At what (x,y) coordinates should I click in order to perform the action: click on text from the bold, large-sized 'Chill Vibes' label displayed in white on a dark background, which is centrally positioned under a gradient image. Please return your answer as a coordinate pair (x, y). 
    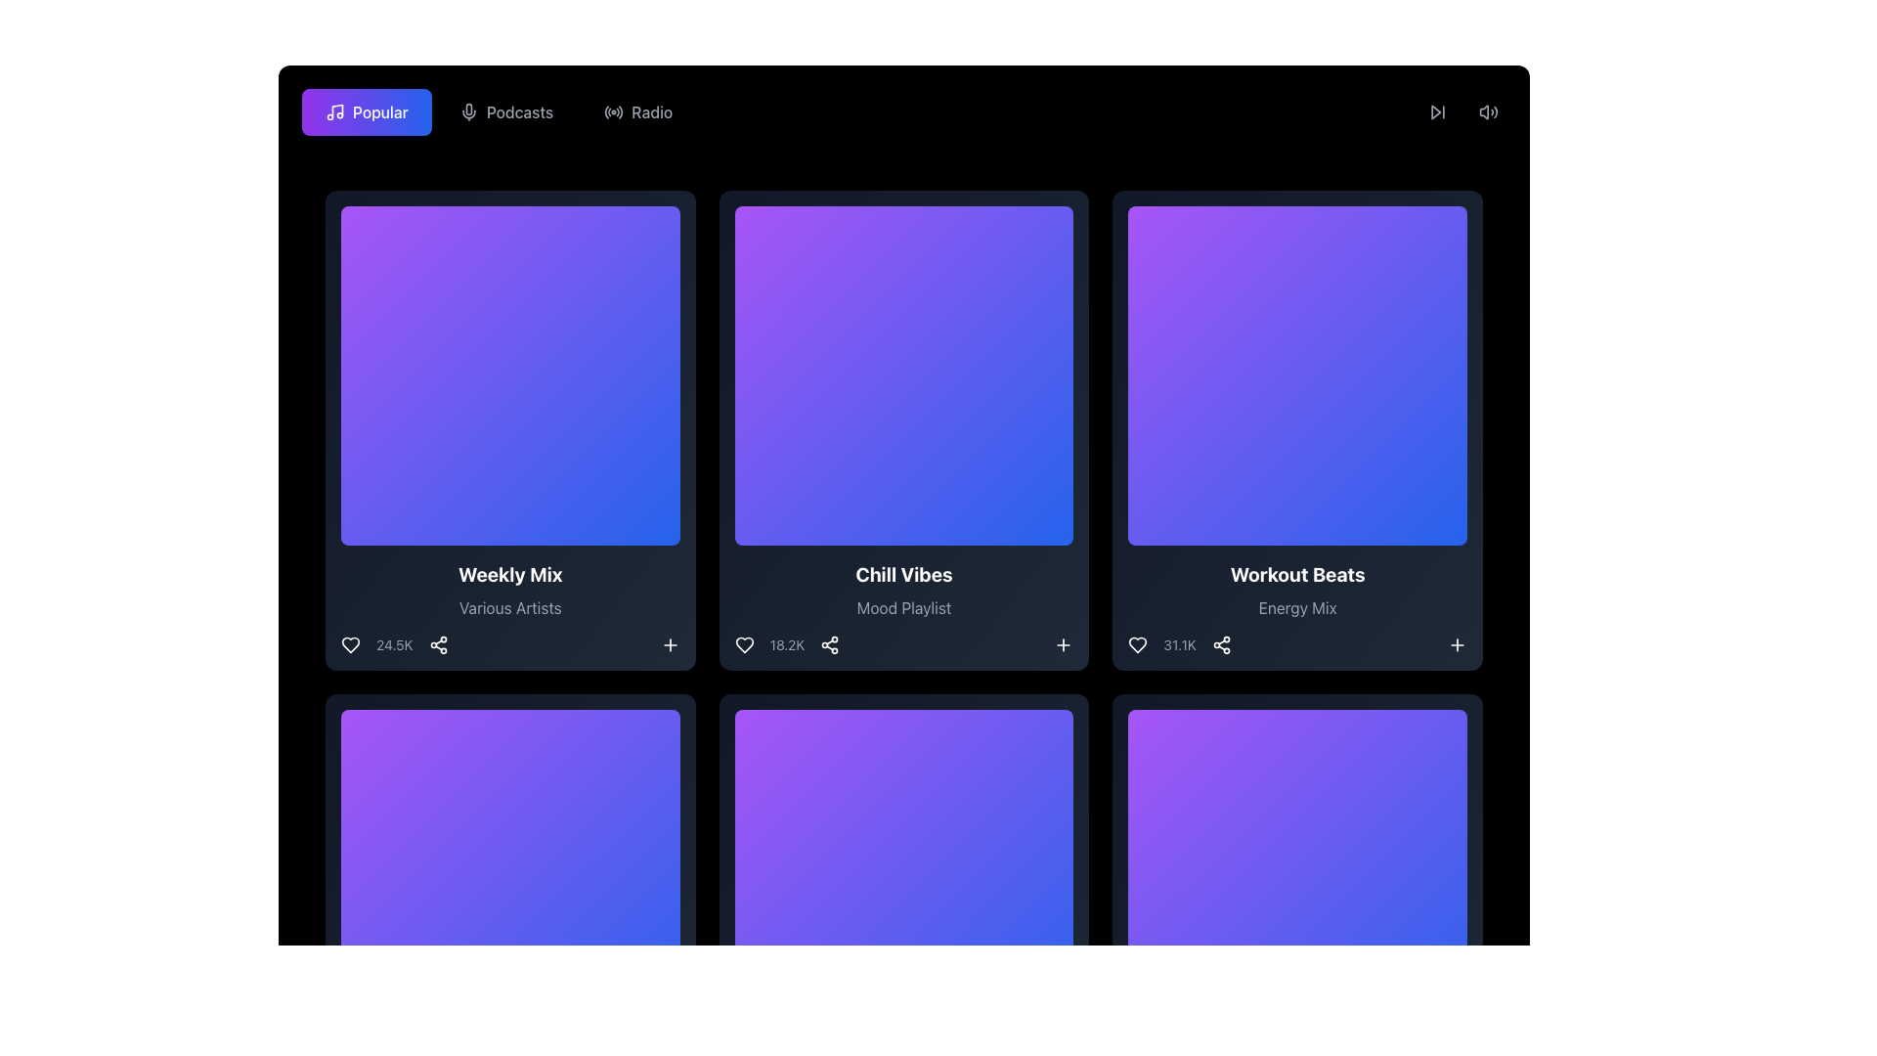
    Looking at the image, I should click on (903, 573).